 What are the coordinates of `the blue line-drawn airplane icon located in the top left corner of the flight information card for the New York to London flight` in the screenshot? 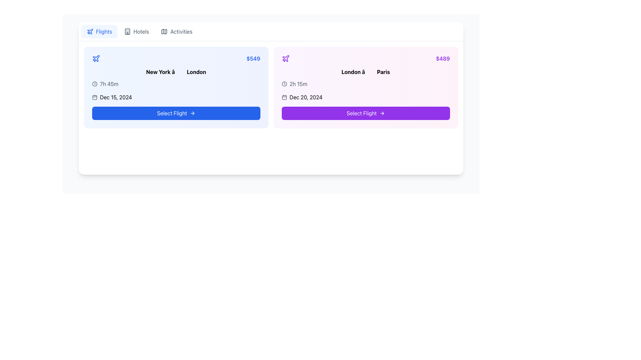 It's located at (95, 58).